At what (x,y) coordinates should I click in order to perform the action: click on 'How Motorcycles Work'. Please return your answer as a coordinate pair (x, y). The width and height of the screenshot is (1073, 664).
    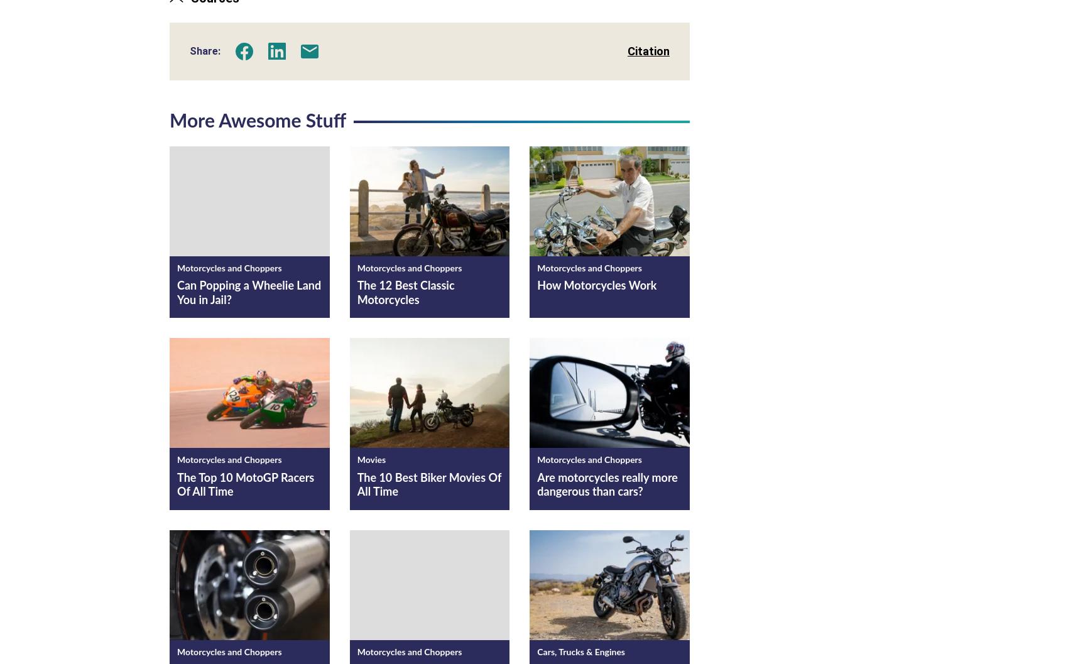
    Looking at the image, I should click on (596, 286).